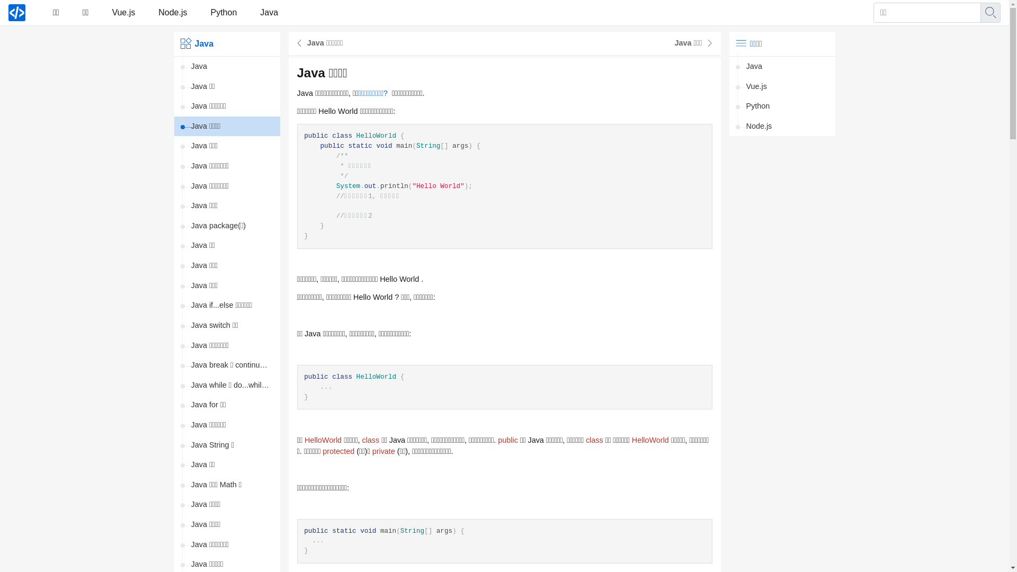 This screenshot has height=572, width=1017. I want to click on 'Java', so click(182, 67).